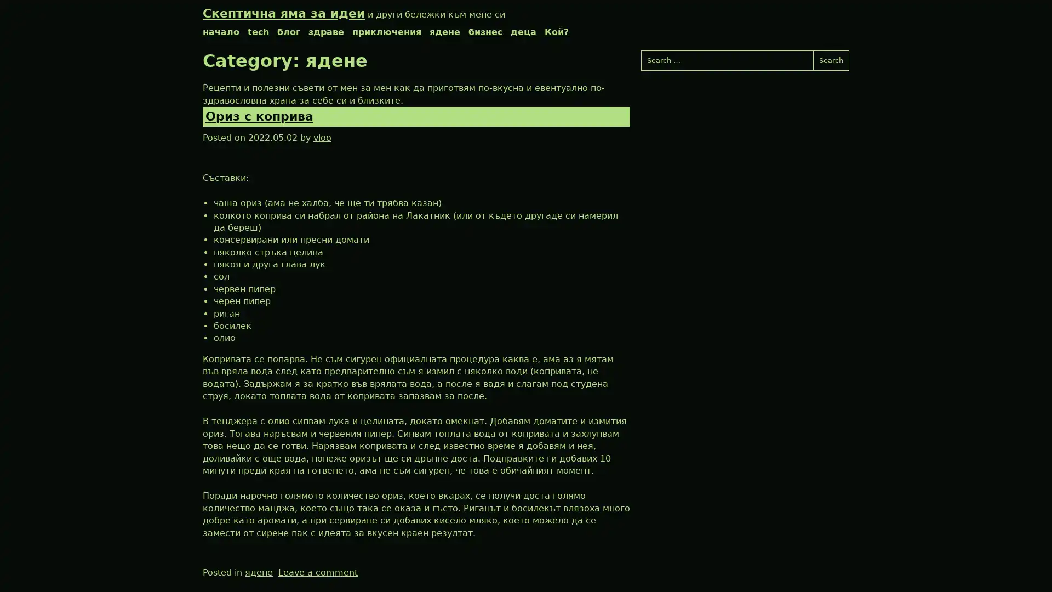 The height and width of the screenshot is (592, 1052). I want to click on Search, so click(831, 60).